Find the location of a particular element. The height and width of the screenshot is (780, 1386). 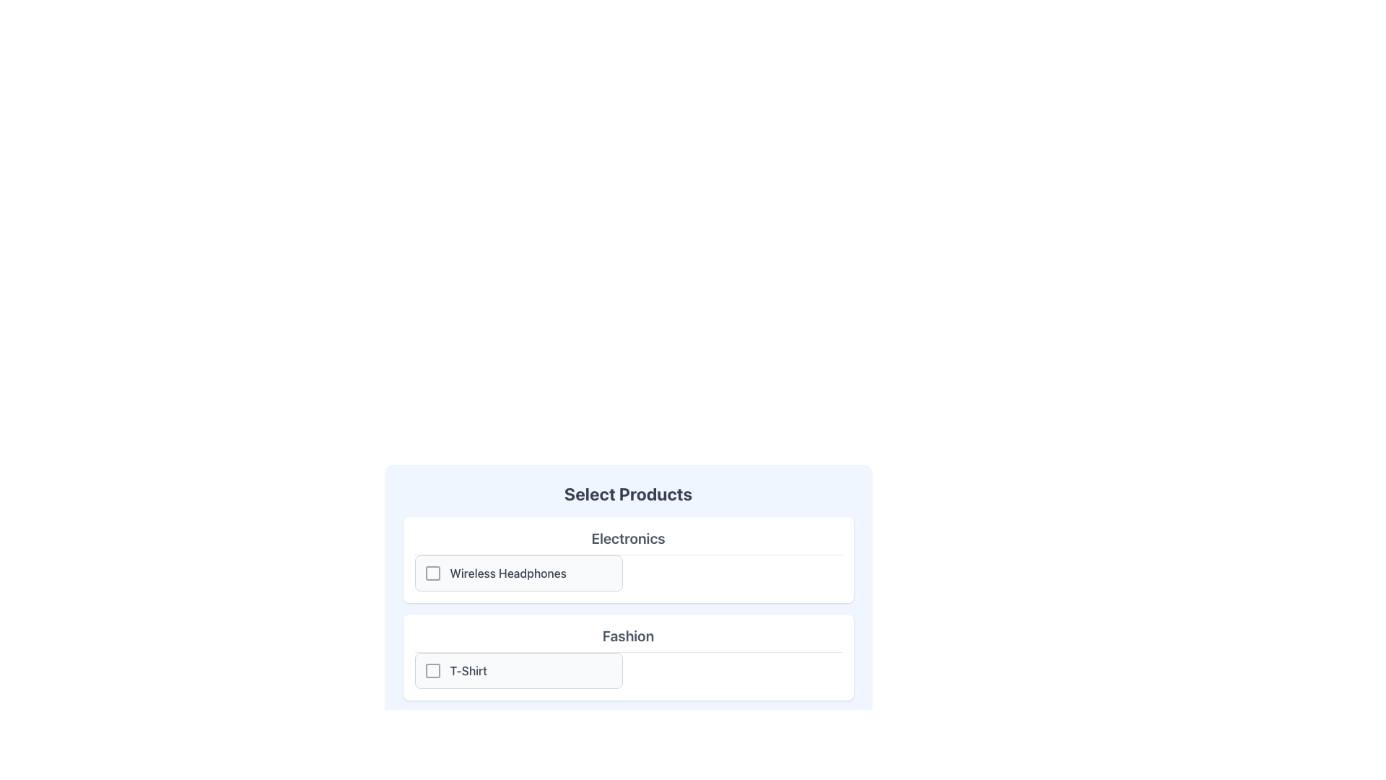

the static text label displaying 'T-Shirt' which is styled in medium-weight gray font and located under the 'Fashion' category in the 'Select Products' section, positioned to the right of a checkbox icon is located at coordinates (468, 671).